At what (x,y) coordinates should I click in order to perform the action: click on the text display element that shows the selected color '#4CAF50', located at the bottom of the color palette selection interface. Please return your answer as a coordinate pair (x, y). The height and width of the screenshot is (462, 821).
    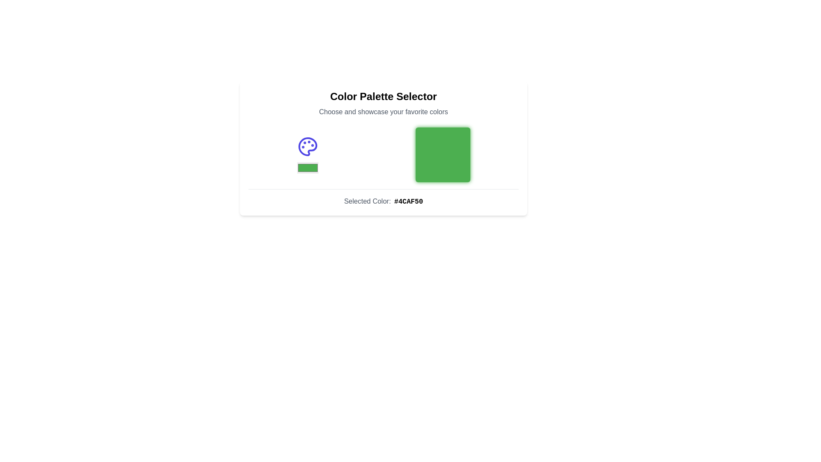
    Looking at the image, I should click on (383, 198).